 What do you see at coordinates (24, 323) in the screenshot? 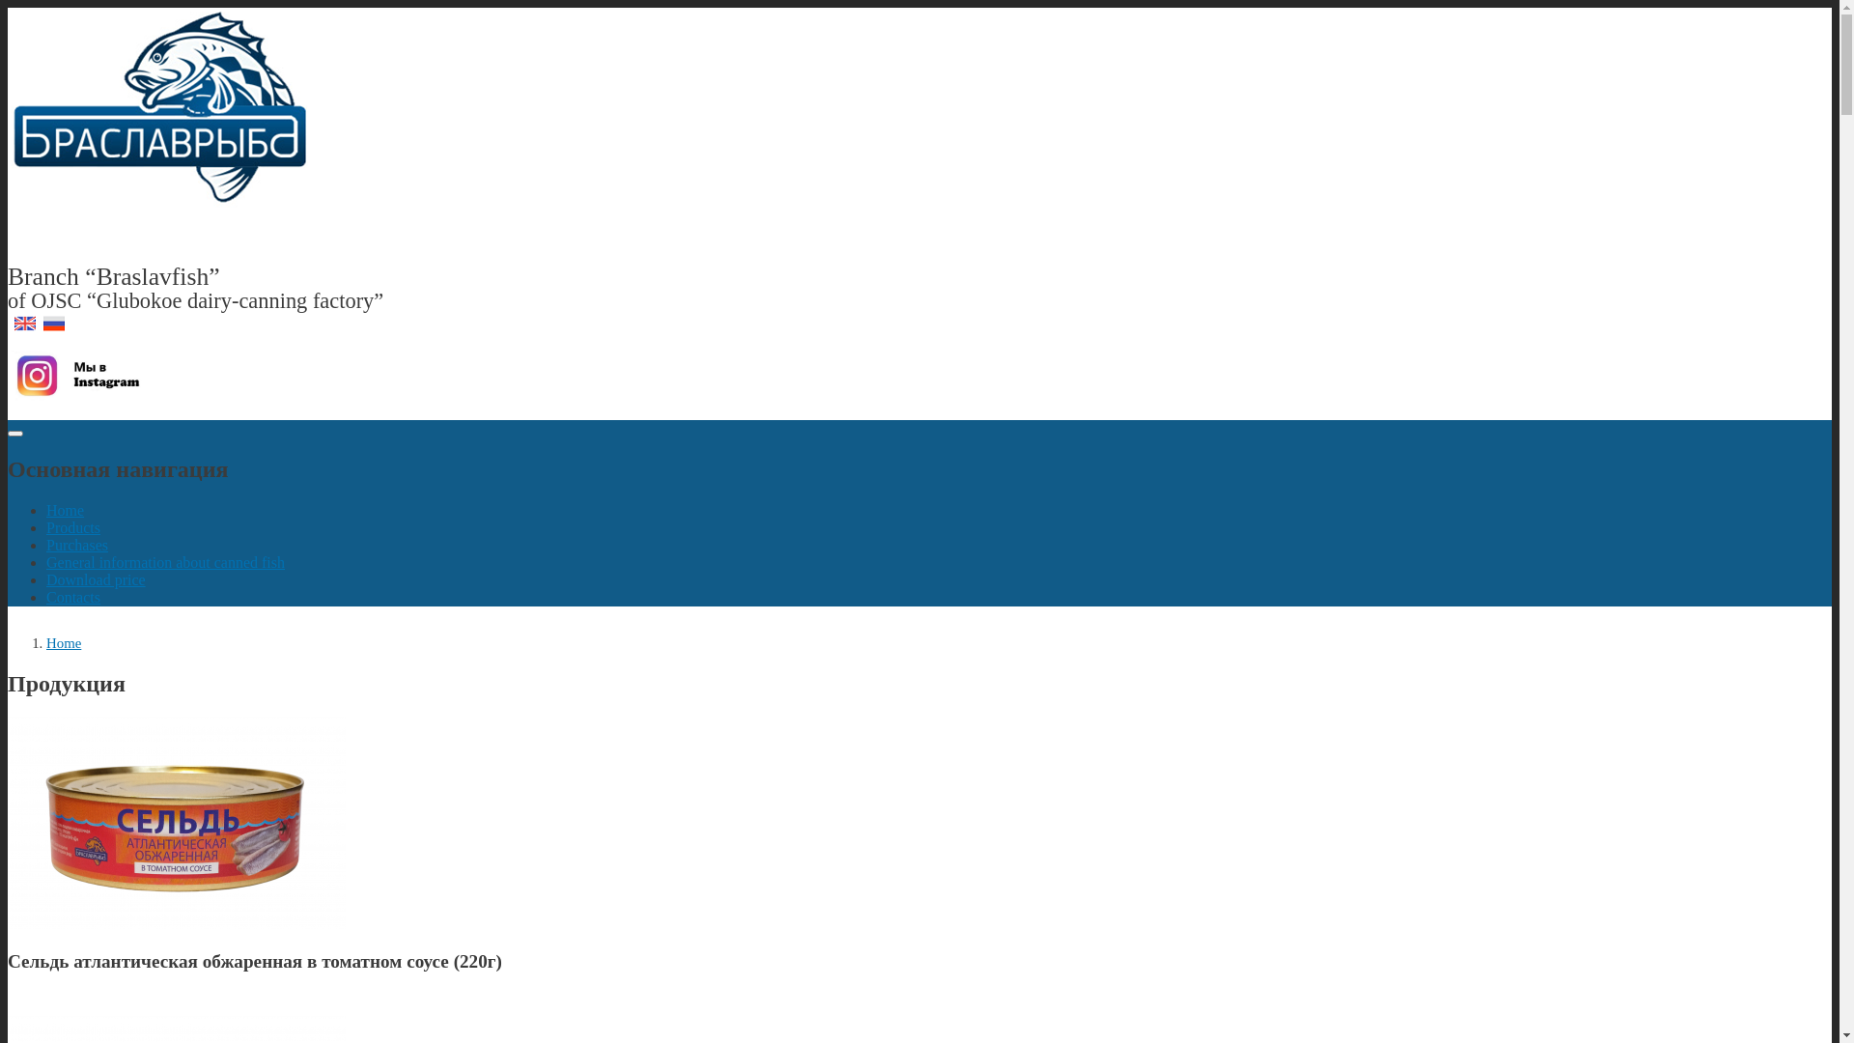
I see `'English'` at bounding box center [24, 323].